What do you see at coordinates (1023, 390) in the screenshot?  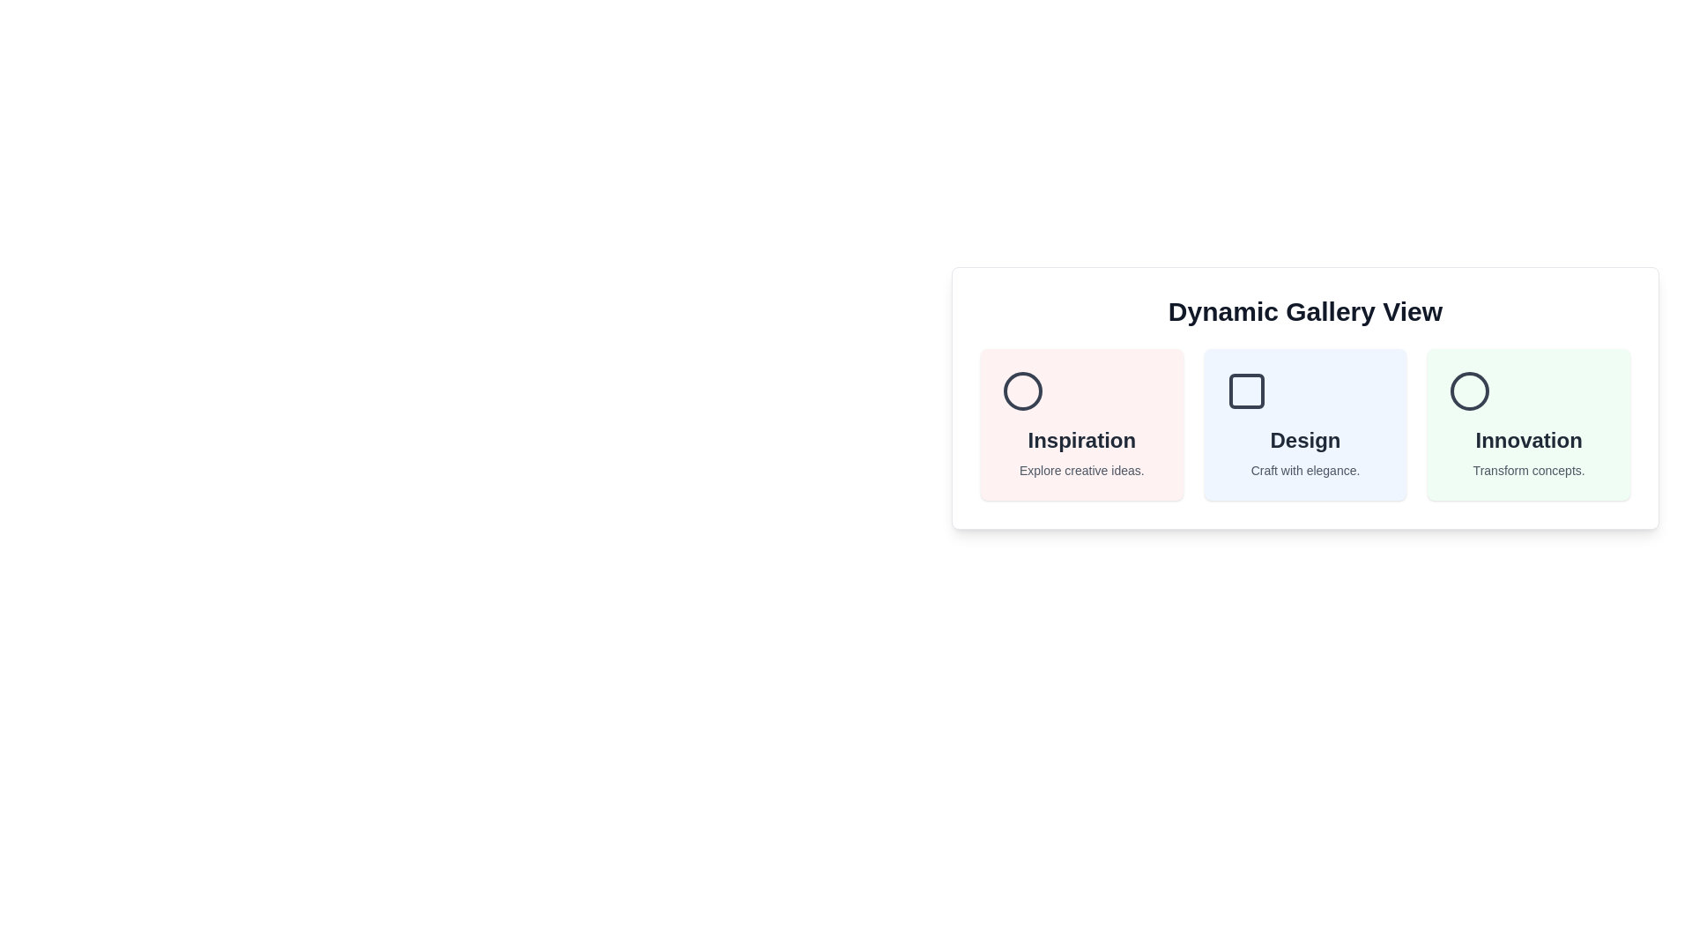 I see `the decorative SVG Circle element in the top-left section of the 'Inspiration' card` at bounding box center [1023, 390].